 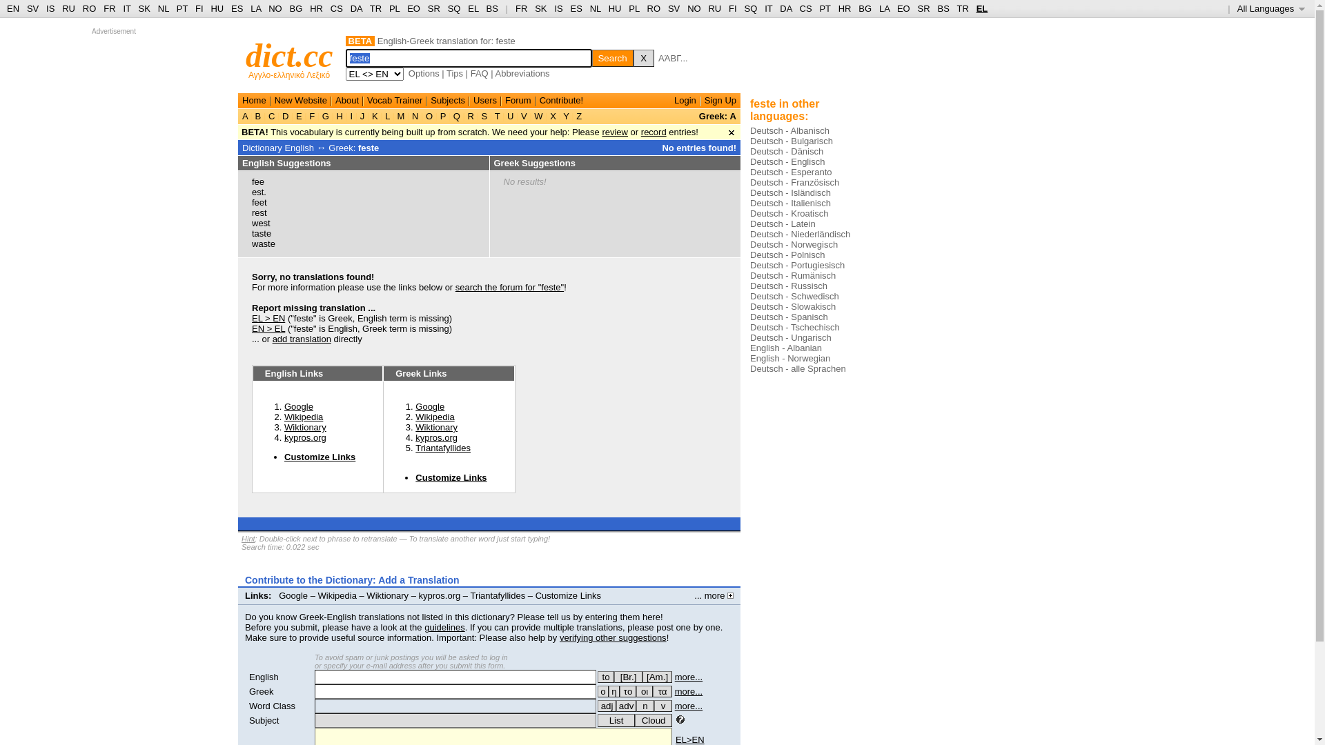 What do you see at coordinates (689, 706) in the screenshot?
I see `'more...'` at bounding box center [689, 706].